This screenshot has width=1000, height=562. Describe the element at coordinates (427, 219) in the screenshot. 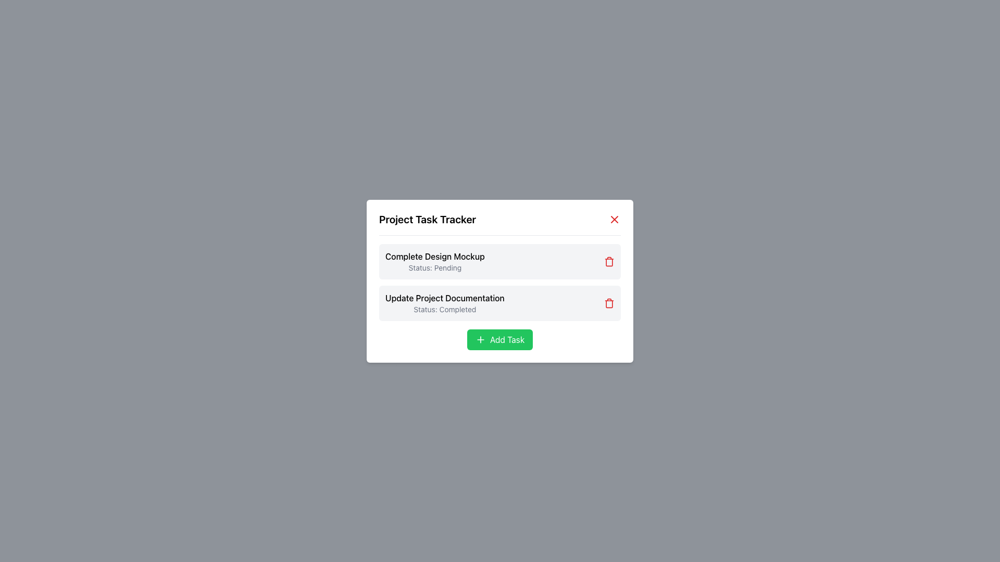

I see `the bold text element reading 'Project Task Tracker' located at the top center of the modal interface` at that location.